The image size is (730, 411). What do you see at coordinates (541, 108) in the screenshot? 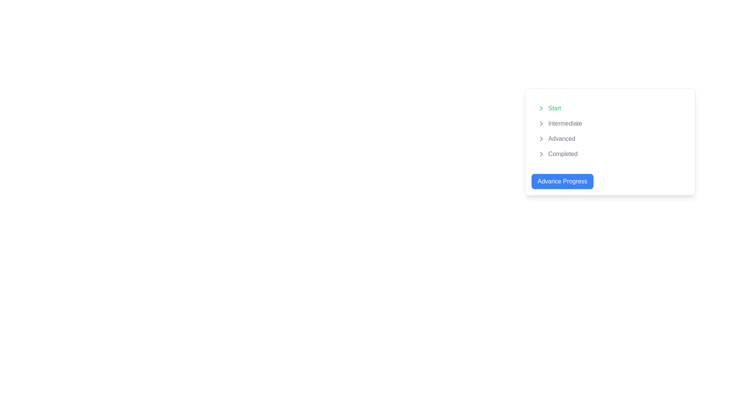
I see `the chevron arrow icon located to the left of the text labeled 'Intermediate' to trigger hover effects` at bounding box center [541, 108].